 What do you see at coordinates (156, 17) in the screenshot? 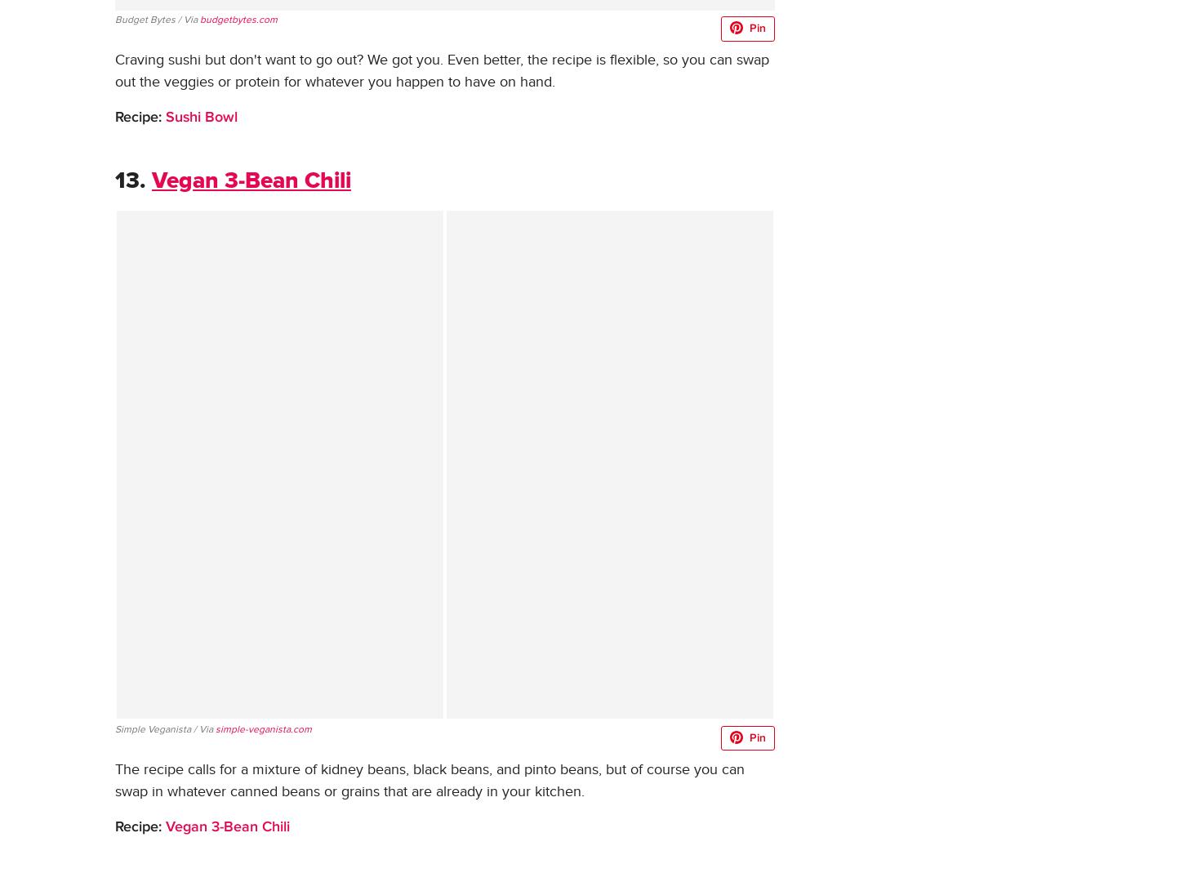
I see `'Budget Bytes / Via'` at bounding box center [156, 17].